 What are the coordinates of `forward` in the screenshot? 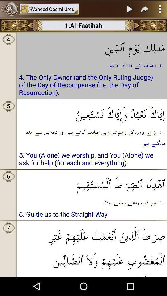 It's located at (145, 9).